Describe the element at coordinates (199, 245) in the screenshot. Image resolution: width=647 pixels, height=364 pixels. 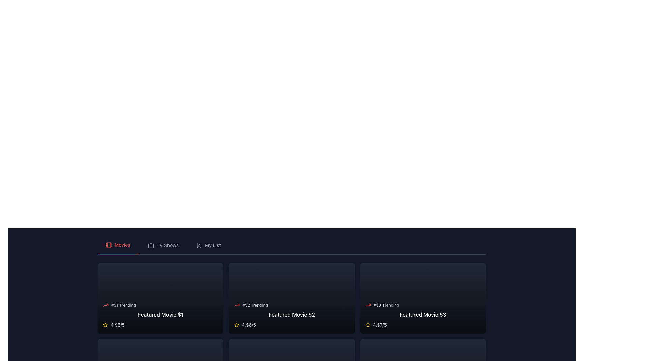
I see `the icon located to the left of the 'My List' label, which serves as an action trigger for managing a user's saved or favorite items` at that location.